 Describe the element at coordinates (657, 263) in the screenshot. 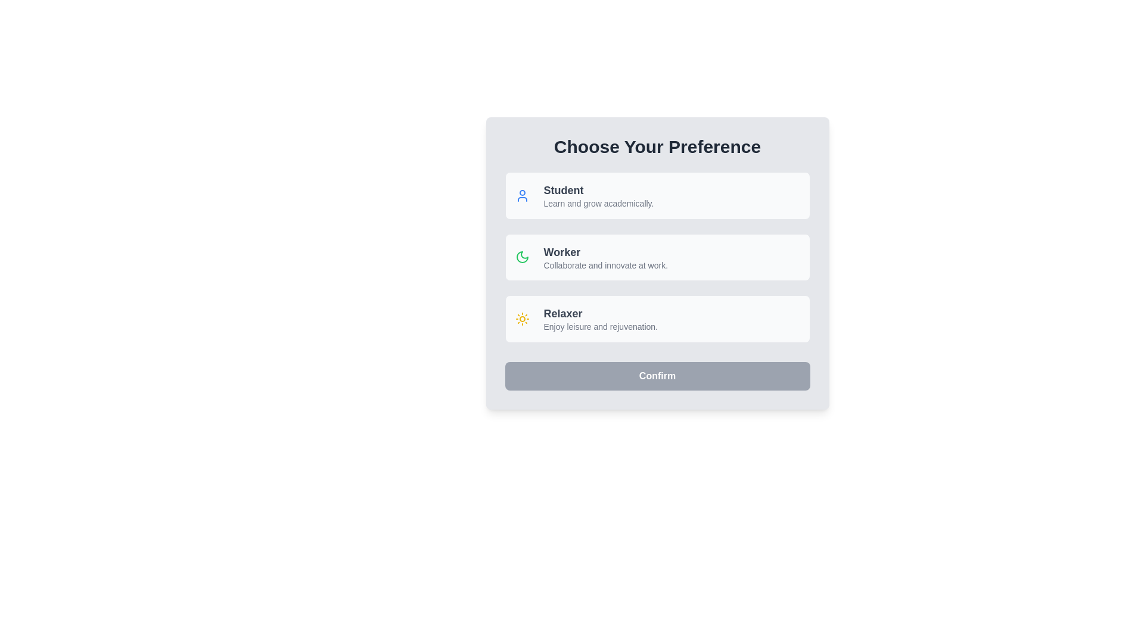

I see `the icons within the selection card that allows users to choose between Student, Worker, or Relaxer, highlighting them for selection` at that location.